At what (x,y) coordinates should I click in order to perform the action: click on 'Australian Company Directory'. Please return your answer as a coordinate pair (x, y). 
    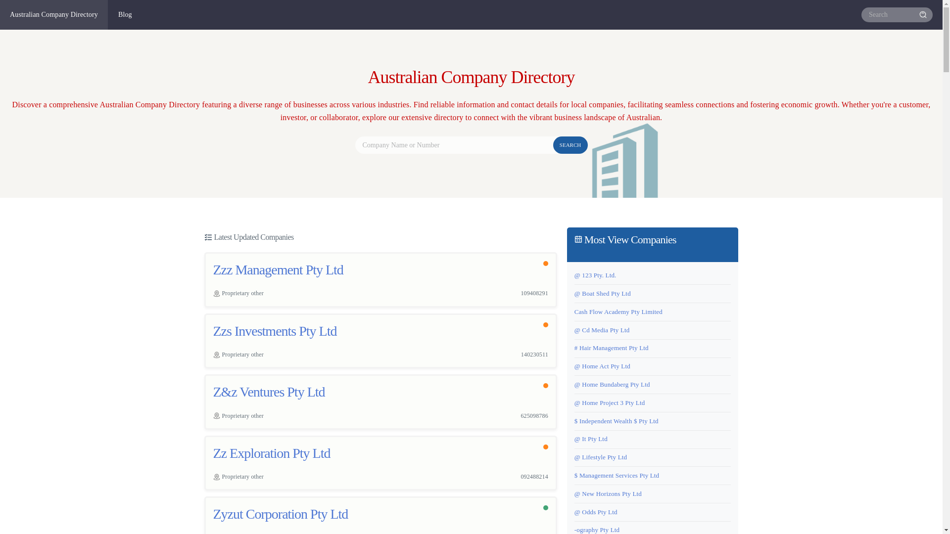
    Looking at the image, I should click on (53, 15).